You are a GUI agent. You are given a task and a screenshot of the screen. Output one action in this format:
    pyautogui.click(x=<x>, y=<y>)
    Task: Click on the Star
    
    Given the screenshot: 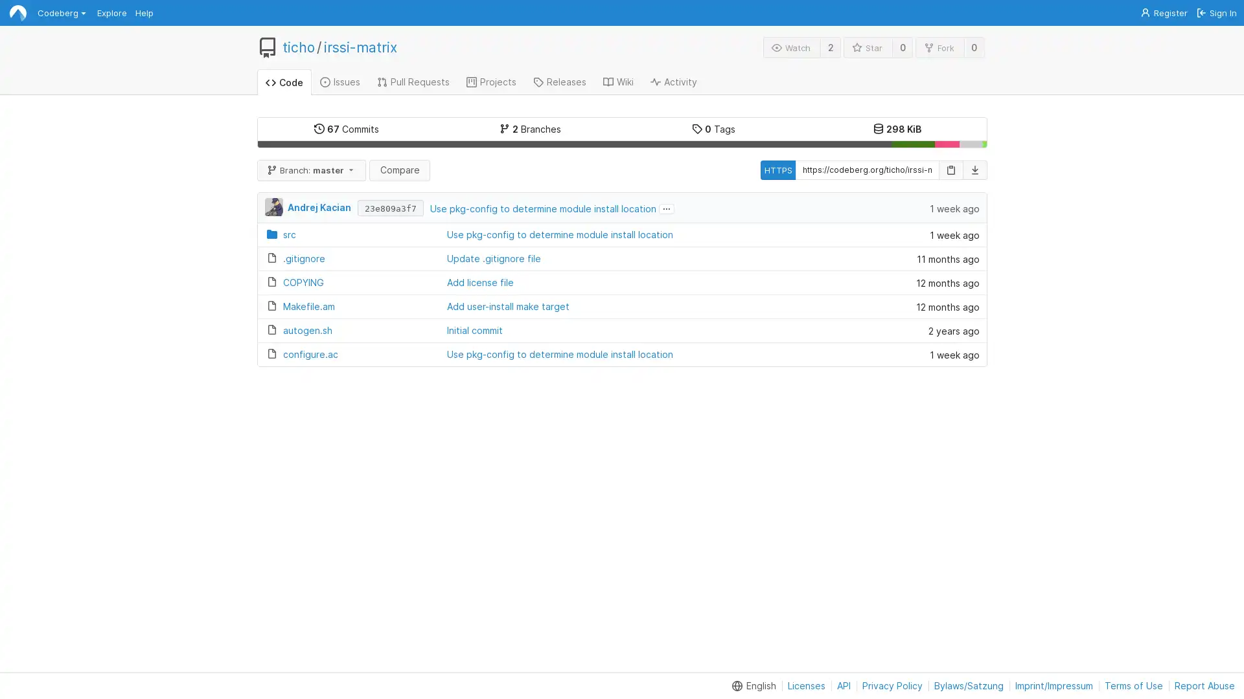 What is the action you would take?
    pyautogui.click(x=868, y=47)
    